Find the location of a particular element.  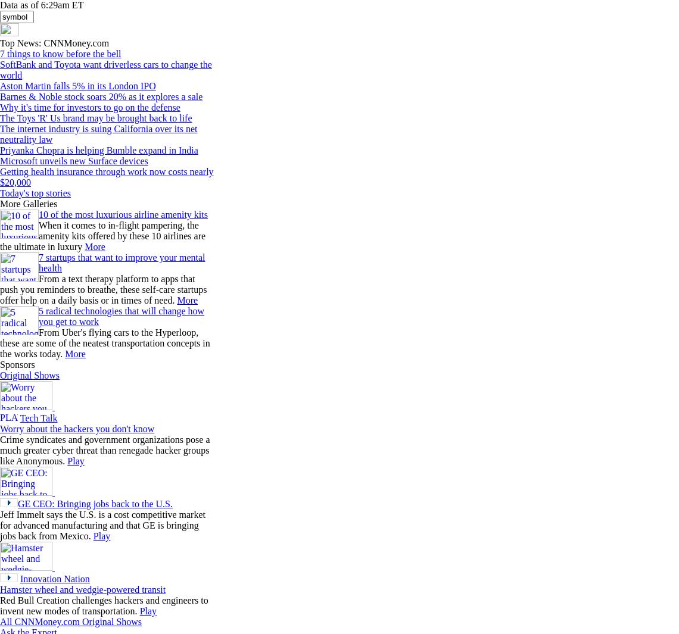

'Hamster wheel and wedgie-powered transit' is located at coordinates (0, 589).